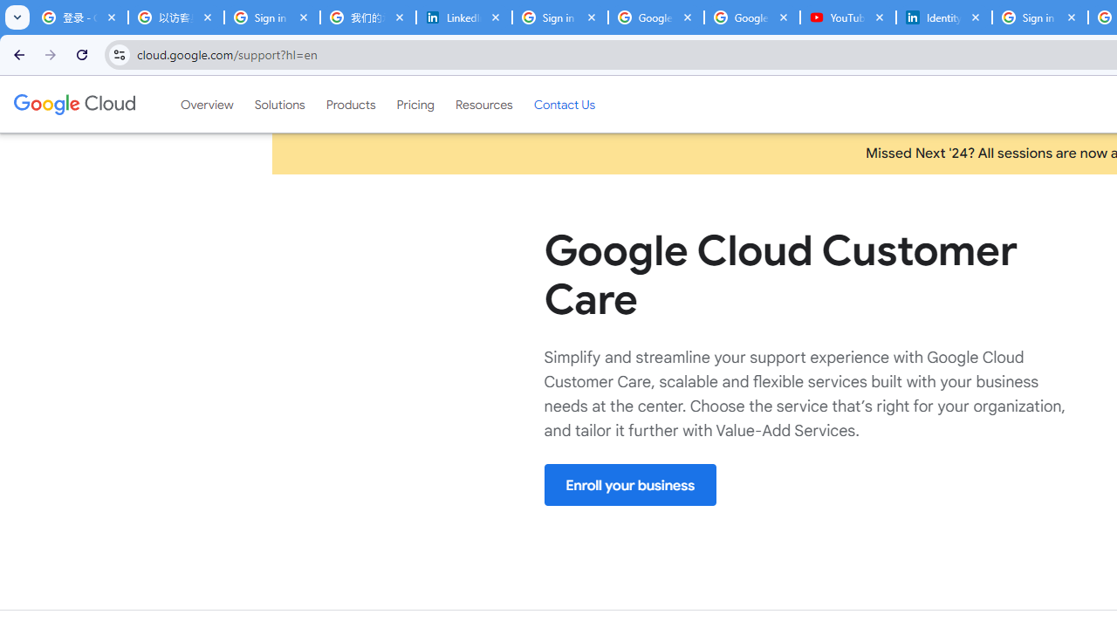  What do you see at coordinates (349, 104) in the screenshot?
I see `'Products'` at bounding box center [349, 104].